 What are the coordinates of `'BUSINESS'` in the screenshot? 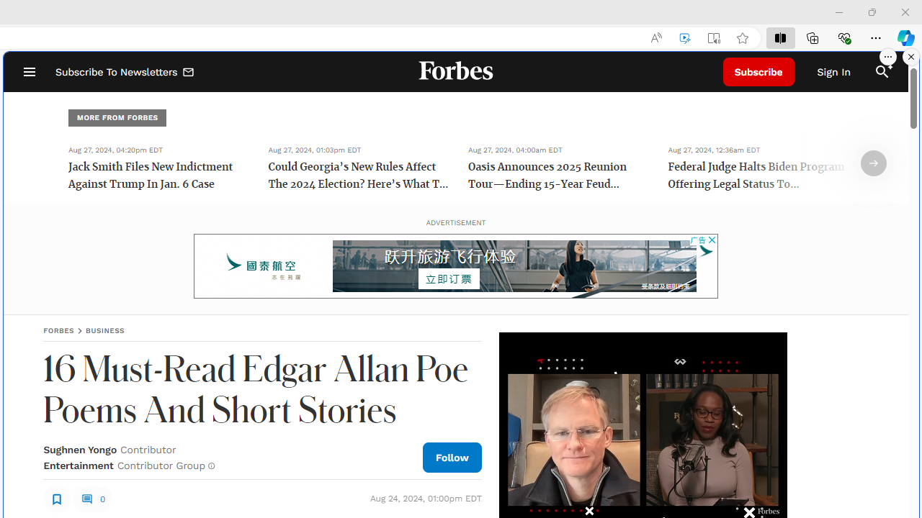 It's located at (104, 330).